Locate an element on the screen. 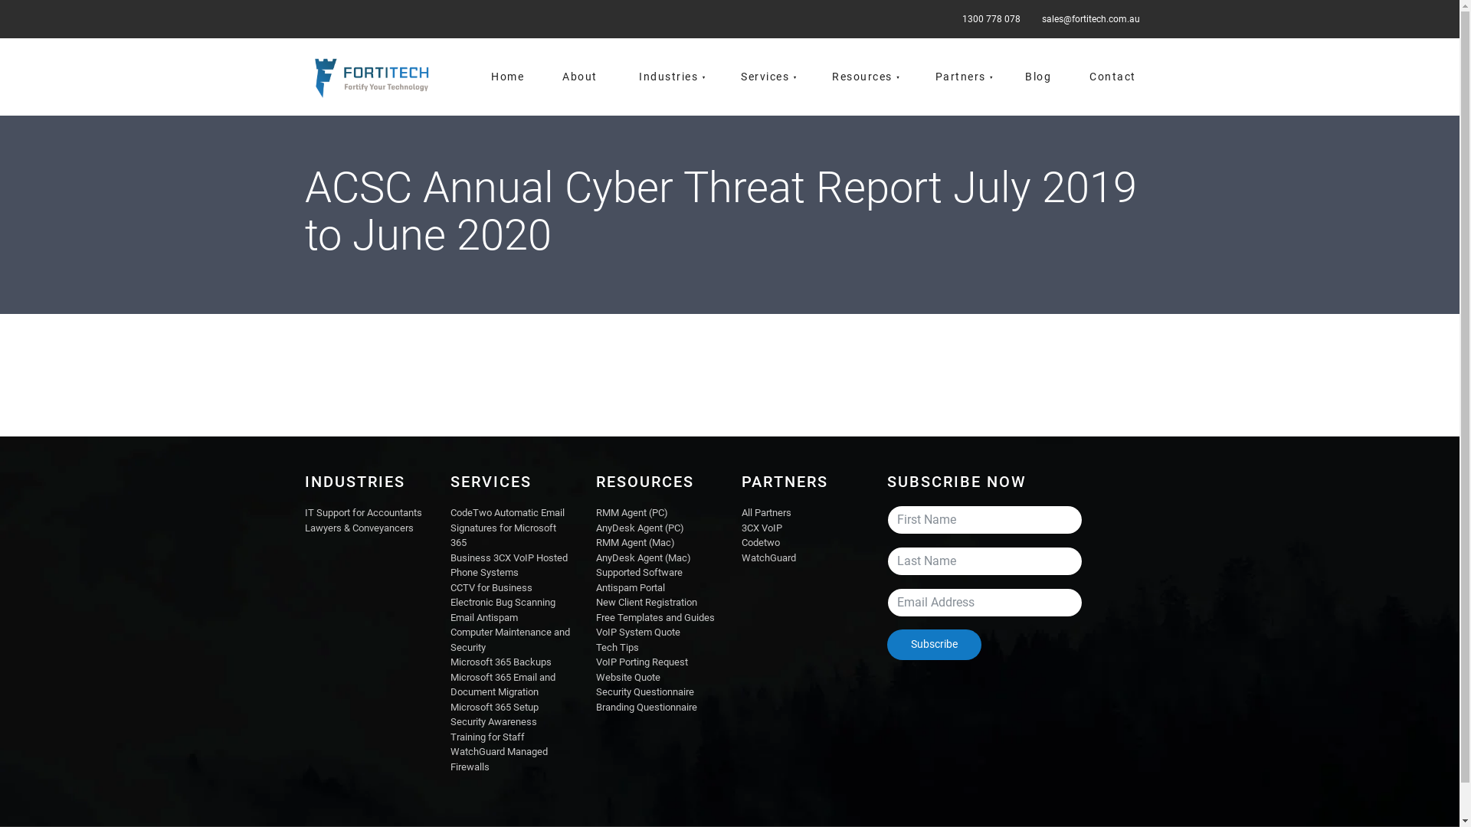 Image resolution: width=1471 pixels, height=827 pixels. '3CX VoIP' is located at coordinates (762, 527).